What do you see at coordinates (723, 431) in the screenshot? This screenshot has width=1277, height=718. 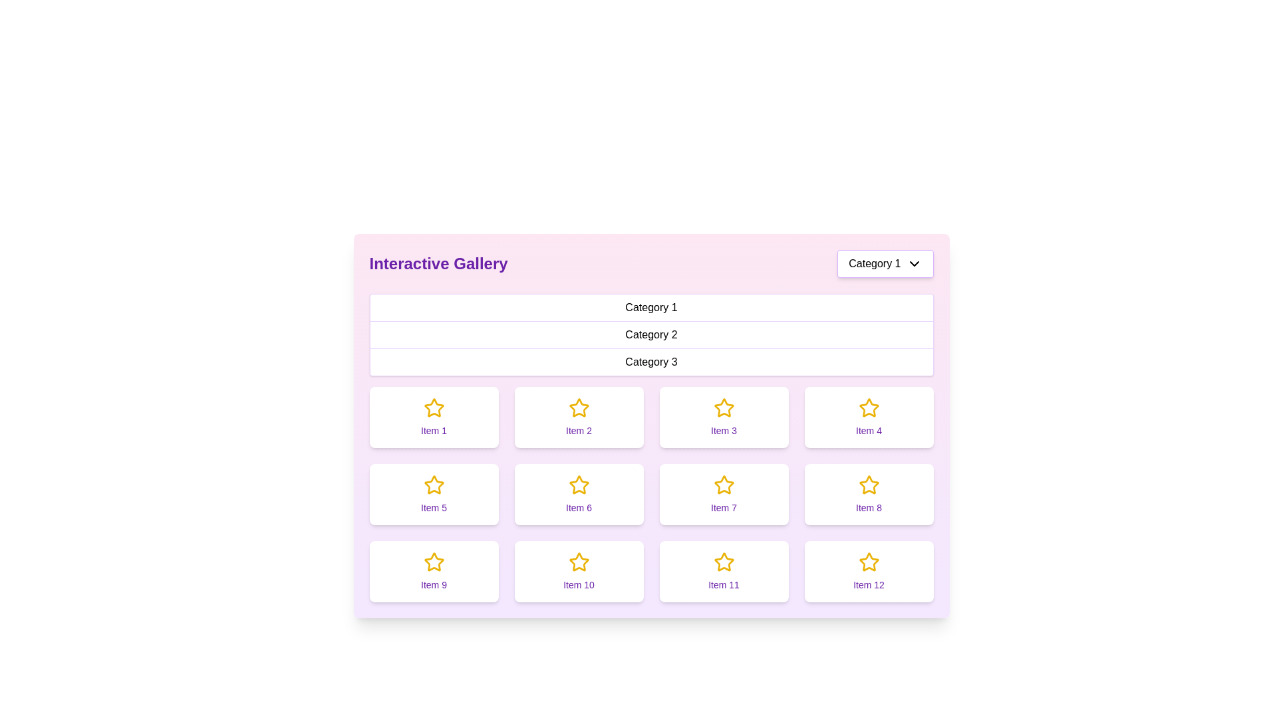 I see `the text label located at the center-bottom of the card in the first row, third column, which identifies the card and is positioned directly below a yellow star icon` at bounding box center [723, 431].